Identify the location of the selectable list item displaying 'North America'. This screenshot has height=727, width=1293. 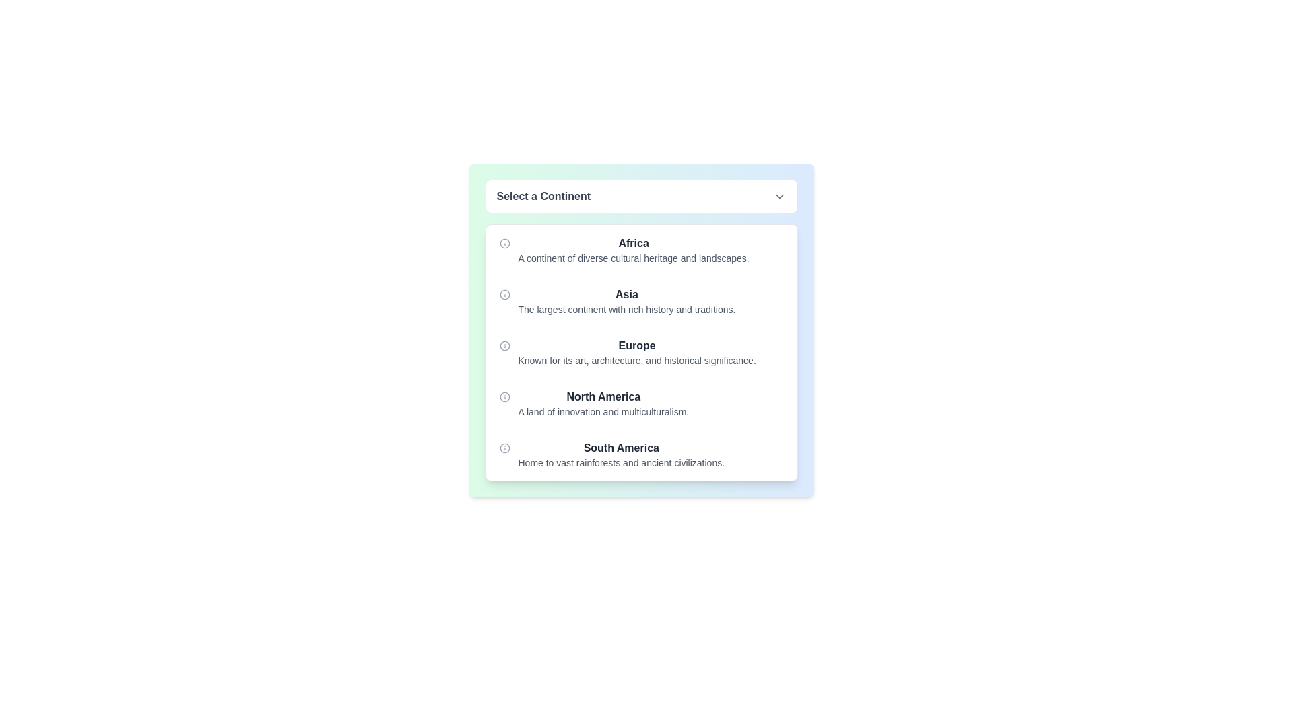
(603, 403).